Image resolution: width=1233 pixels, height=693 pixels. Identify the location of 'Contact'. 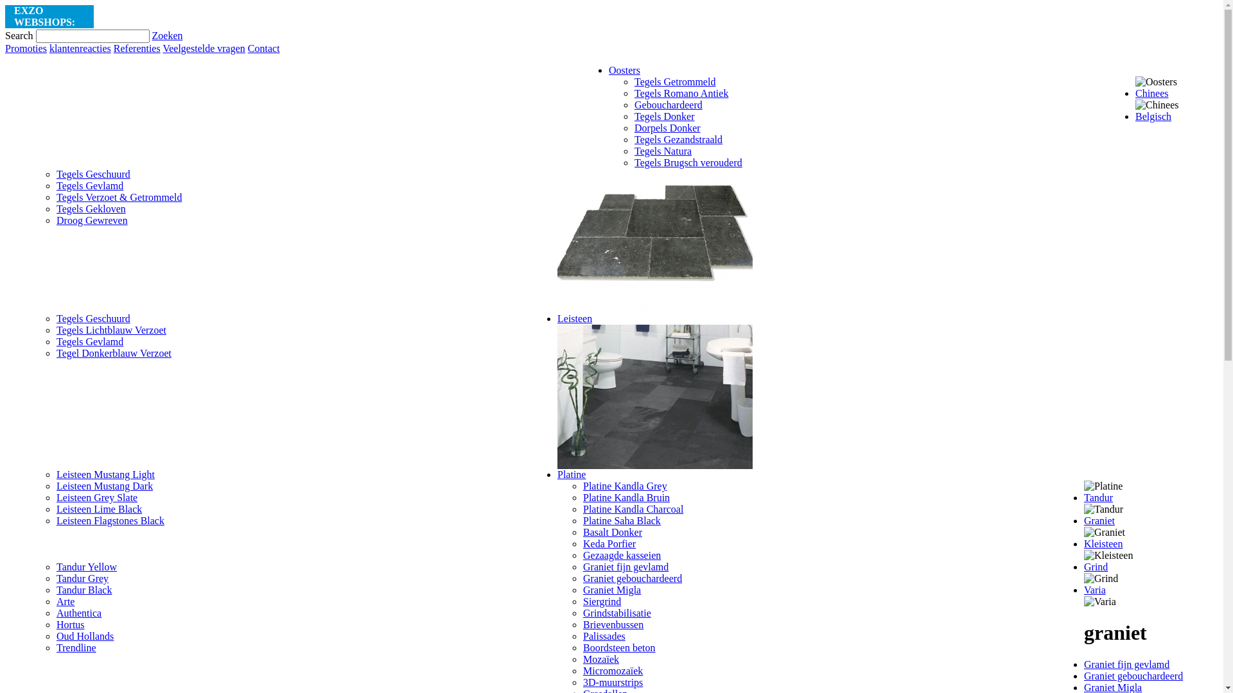
(263, 47).